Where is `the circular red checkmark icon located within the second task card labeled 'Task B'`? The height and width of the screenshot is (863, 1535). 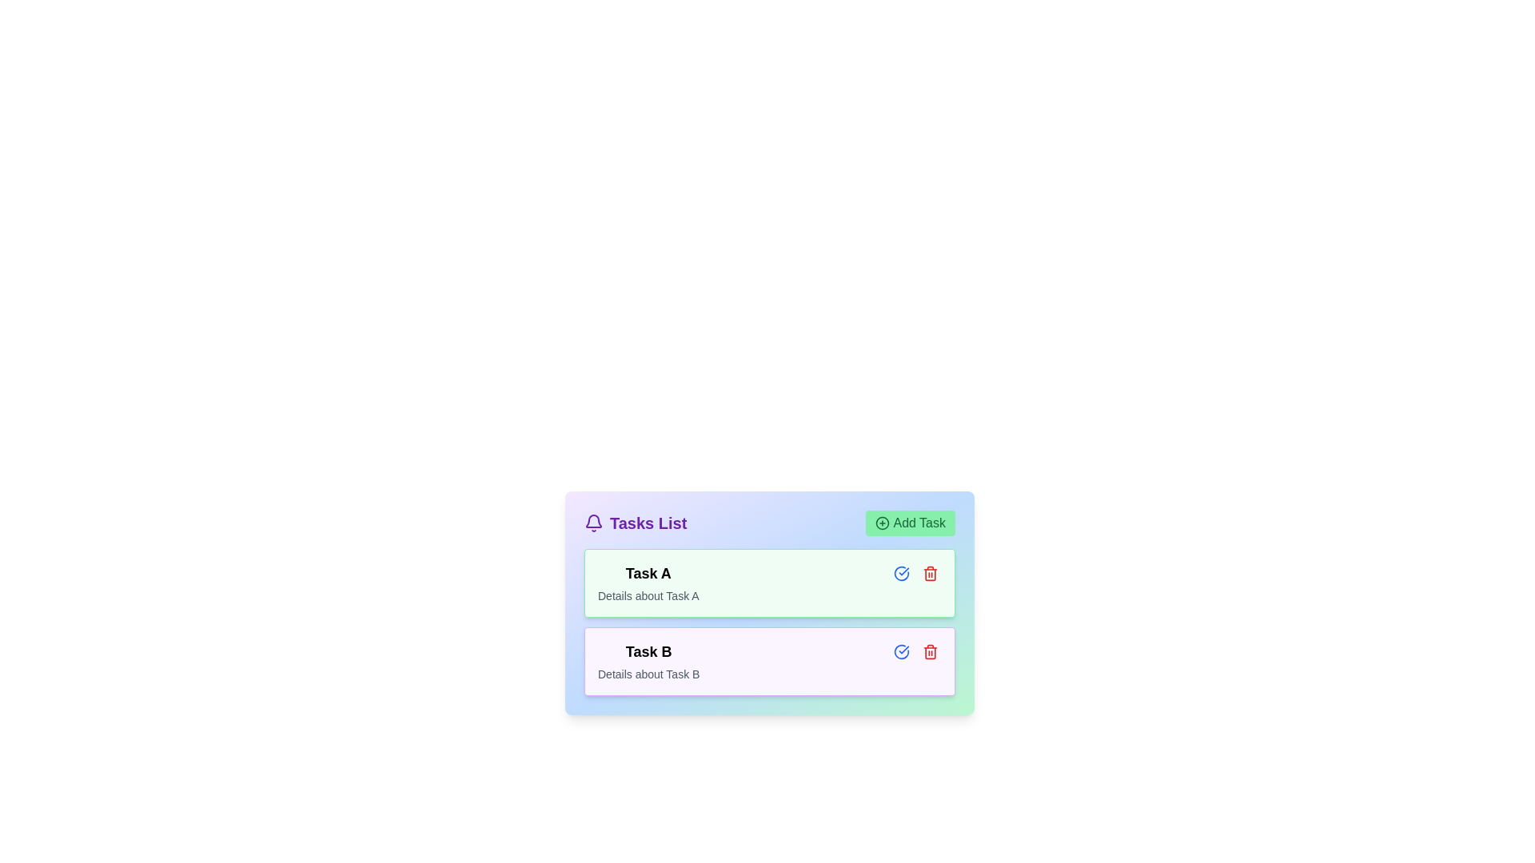
the circular red checkmark icon located within the second task card labeled 'Task B' is located at coordinates (902, 652).